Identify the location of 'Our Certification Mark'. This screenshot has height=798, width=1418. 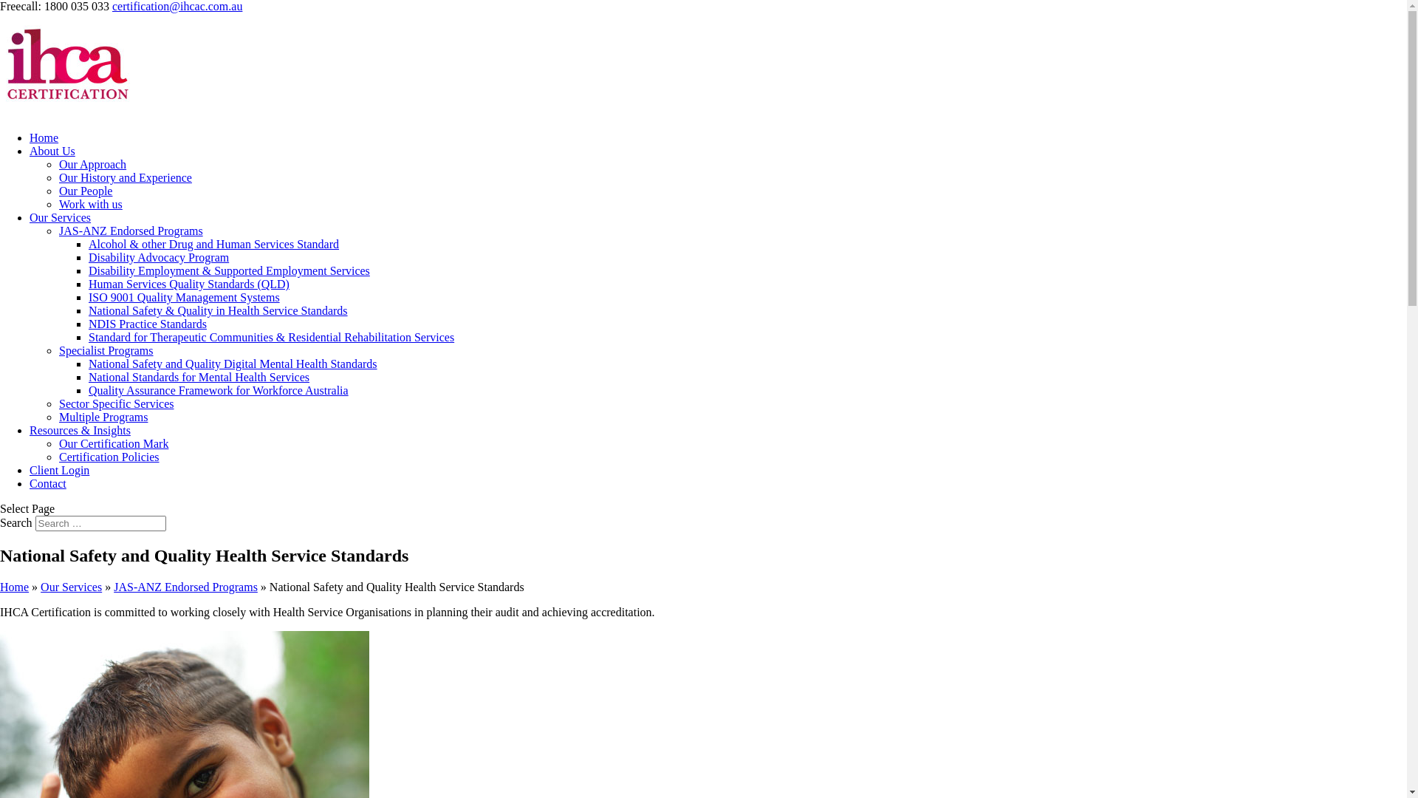
(112, 443).